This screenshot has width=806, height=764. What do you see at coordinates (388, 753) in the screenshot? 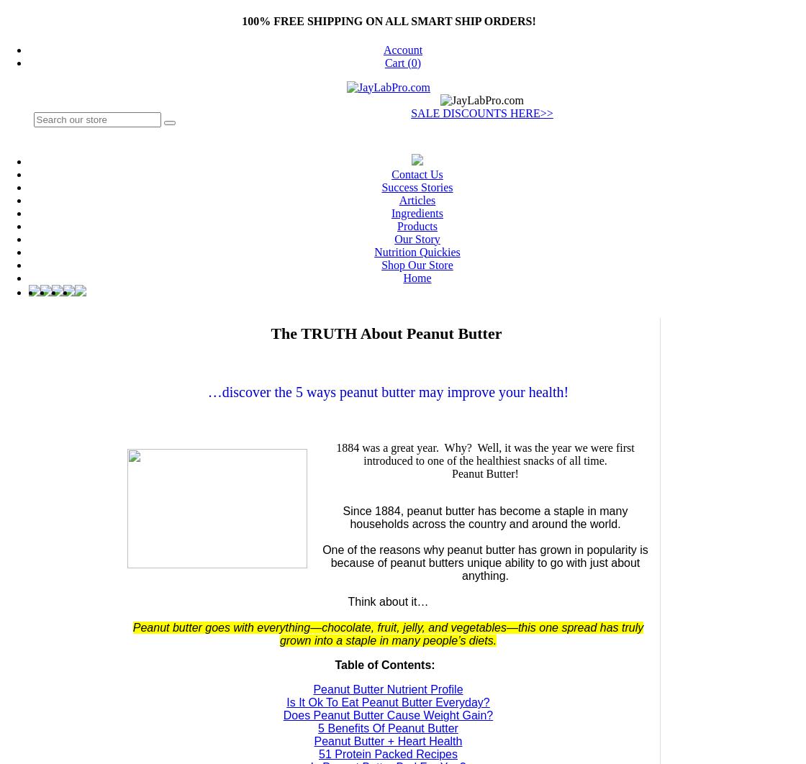
I see `'51 Protein Packed Recipes'` at bounding box center [388, 753].